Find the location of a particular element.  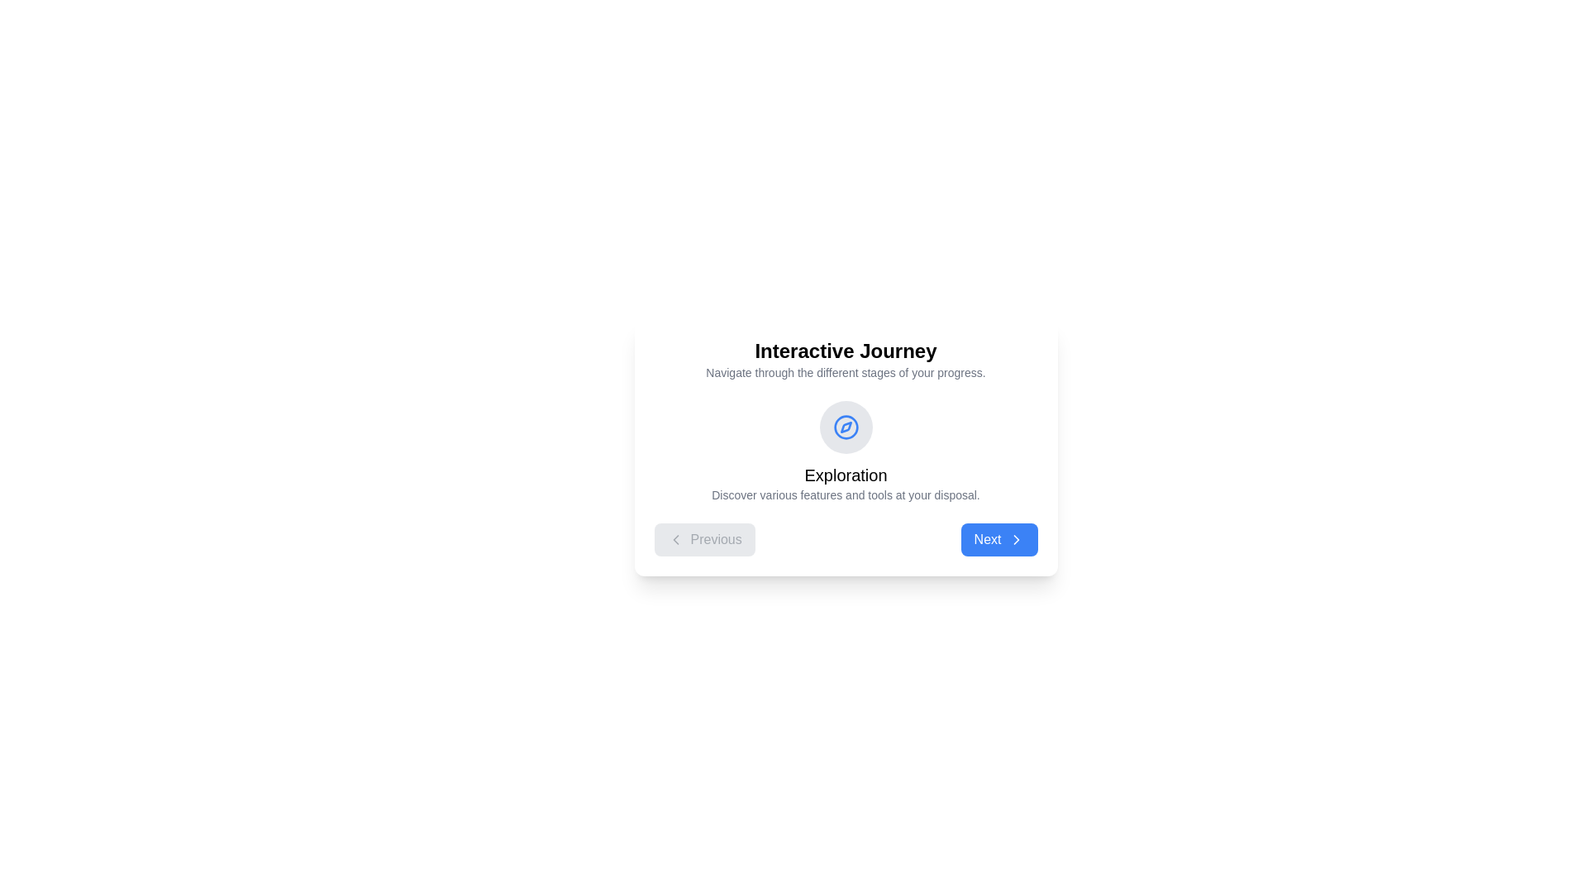

the 'Back' button located at the bottom-left corner of the interface, which is positioned next to the 'Next' button and below the 'Interactive Journey' section is located at coordinates (716, 539).